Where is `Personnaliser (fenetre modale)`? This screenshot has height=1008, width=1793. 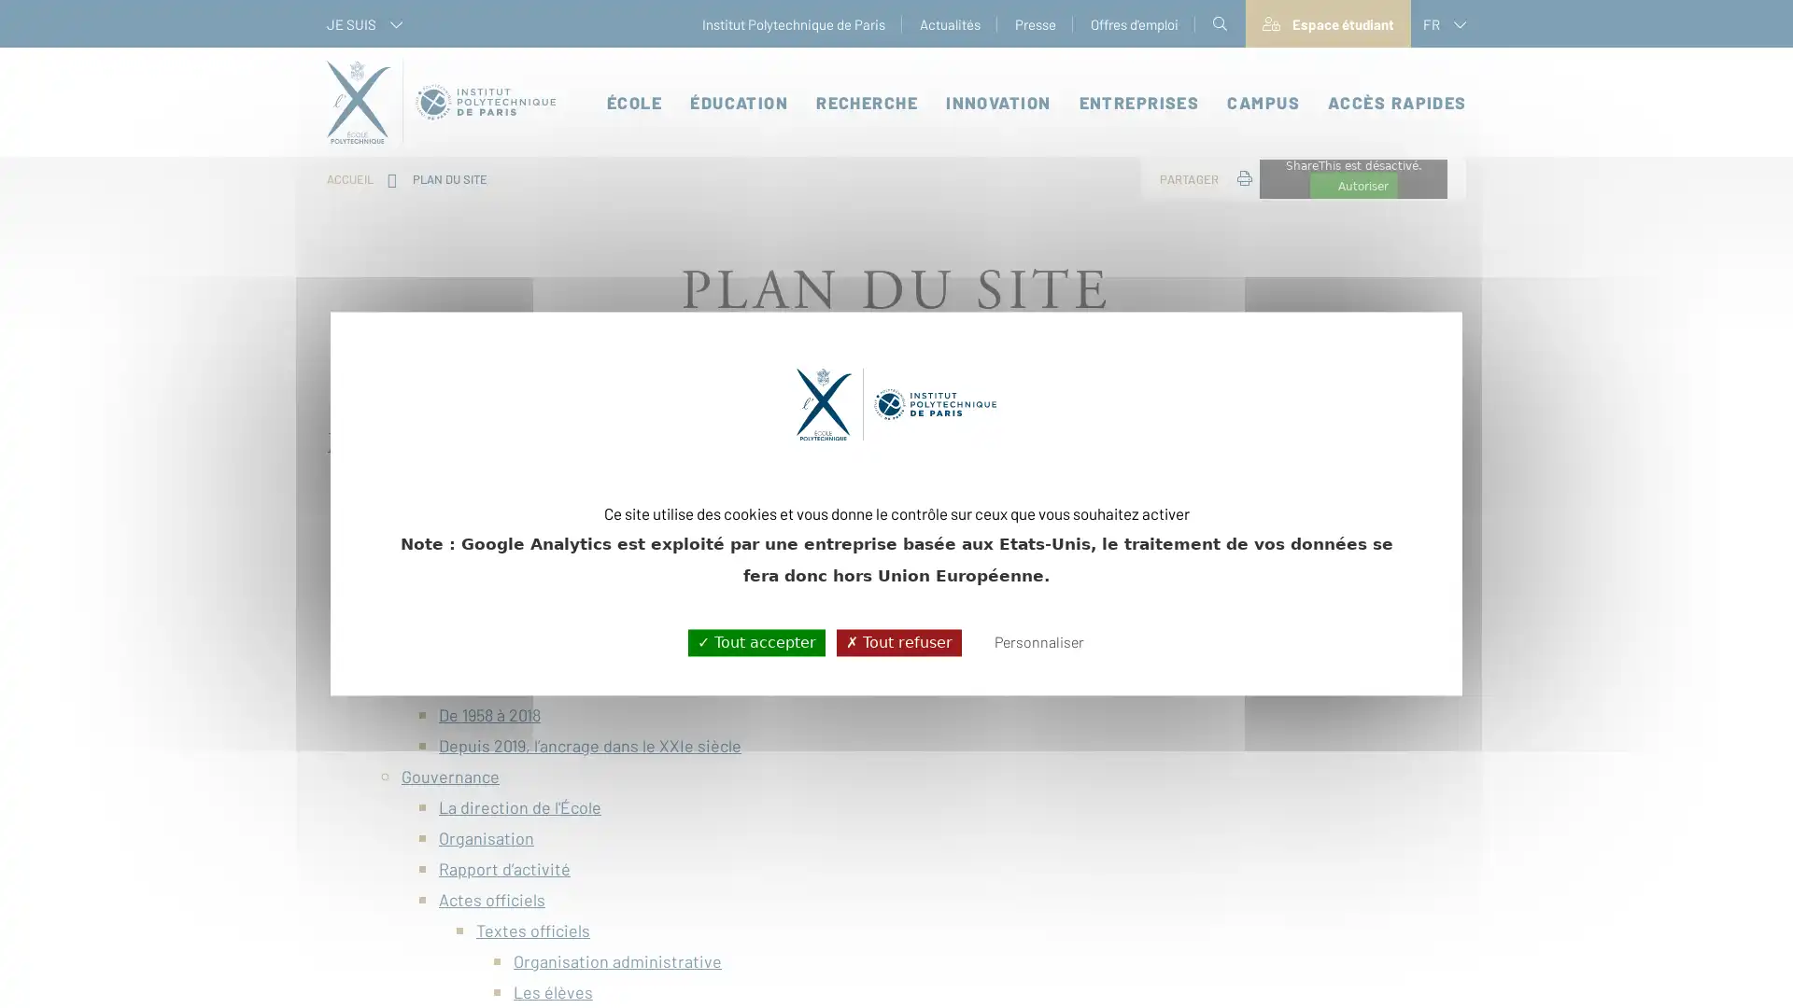
Personnaliser (fenetre modale) is located at coordinates (1038, 642).